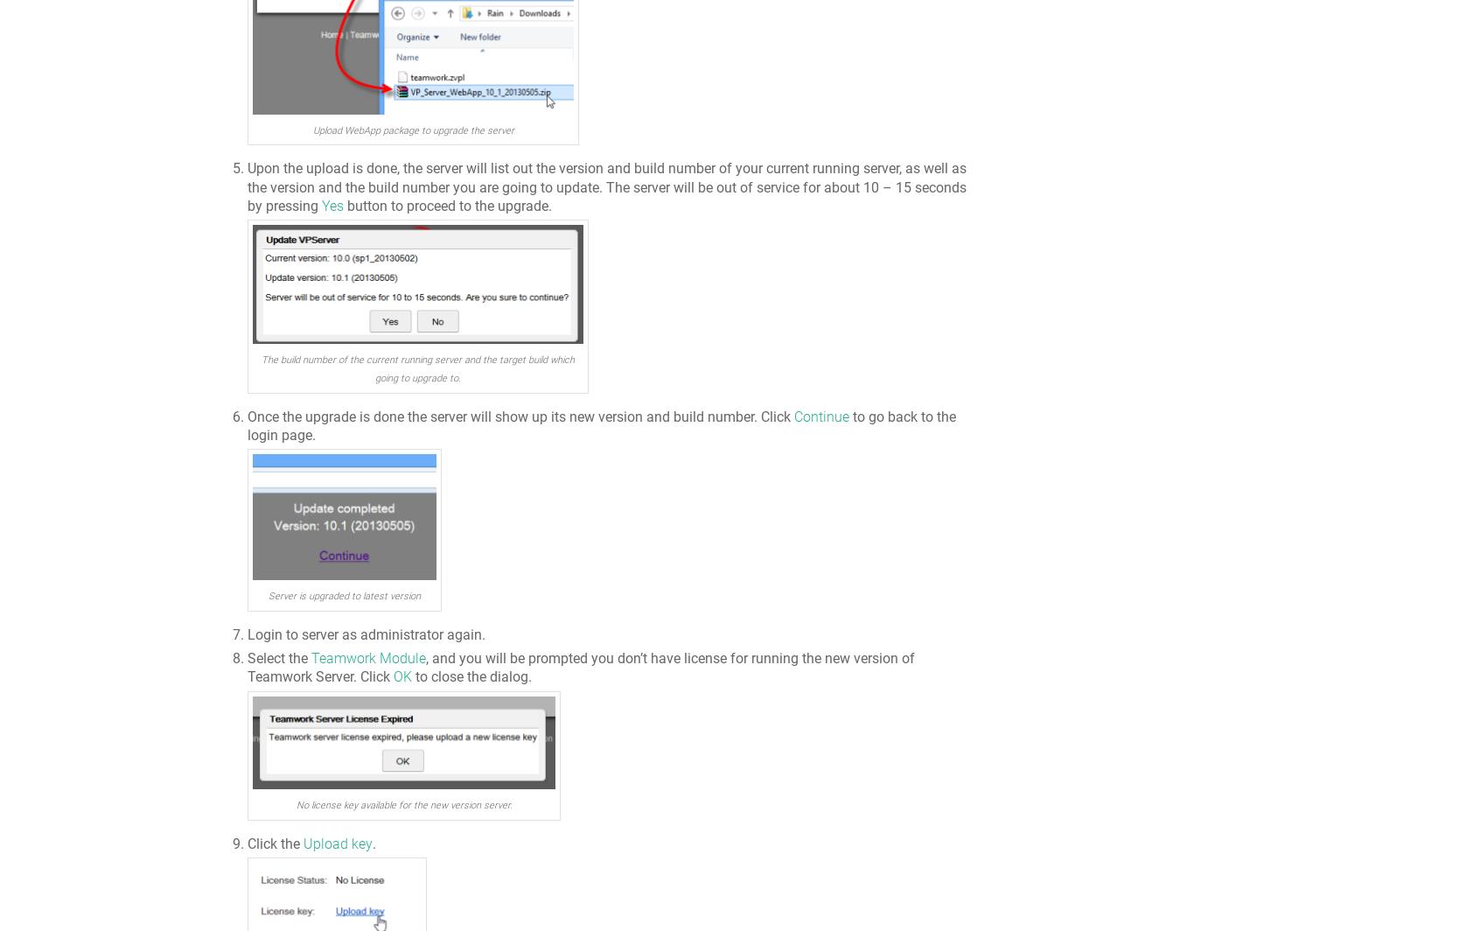  Describe the element at coordinates (276, 843) in the screenshot. I see `'Click the'` at that location.